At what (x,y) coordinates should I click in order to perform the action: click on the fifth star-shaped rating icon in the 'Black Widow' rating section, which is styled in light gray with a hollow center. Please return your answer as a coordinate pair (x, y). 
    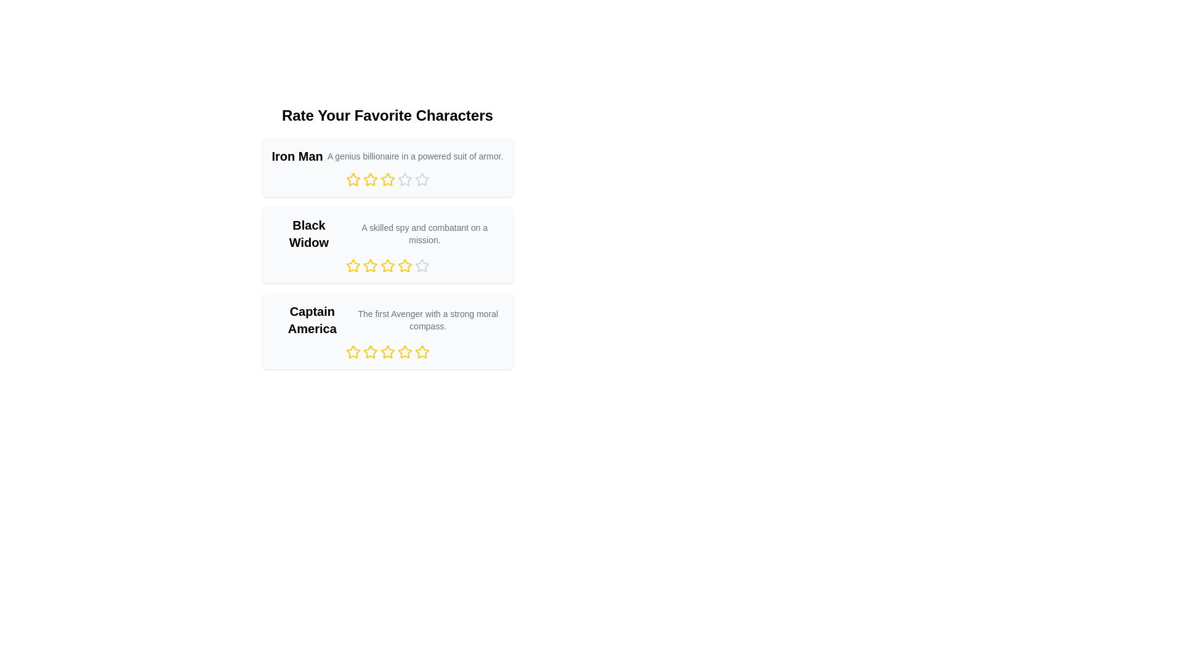
    Looking at the image, I should click on (422, 265).